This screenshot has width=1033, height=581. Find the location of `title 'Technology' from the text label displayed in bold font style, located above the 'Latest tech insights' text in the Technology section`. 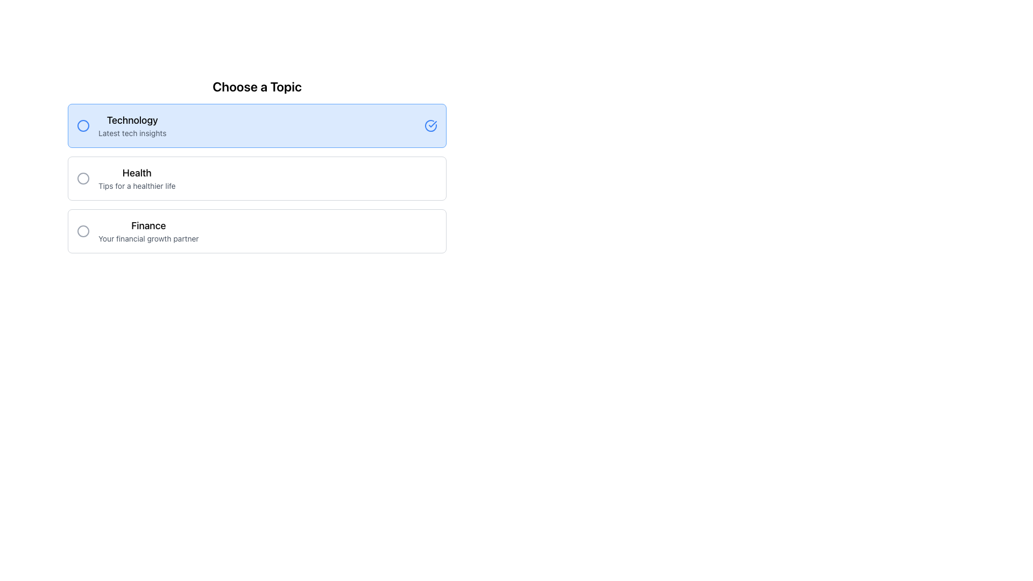

title 'Technology' from the text label displayed in bold font style, located above the 'Latest tech insights' text in the Technology section is located at coordinates (132, 120).